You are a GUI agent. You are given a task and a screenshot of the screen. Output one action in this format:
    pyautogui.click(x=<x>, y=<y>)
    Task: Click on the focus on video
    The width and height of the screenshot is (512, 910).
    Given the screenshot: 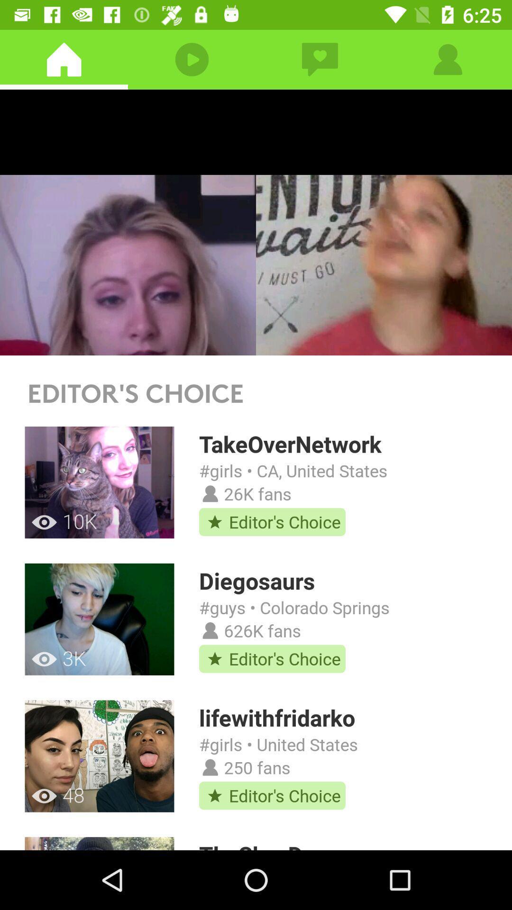 What is the action you would take?
    pyautogui.click(x=256, y=222)
    